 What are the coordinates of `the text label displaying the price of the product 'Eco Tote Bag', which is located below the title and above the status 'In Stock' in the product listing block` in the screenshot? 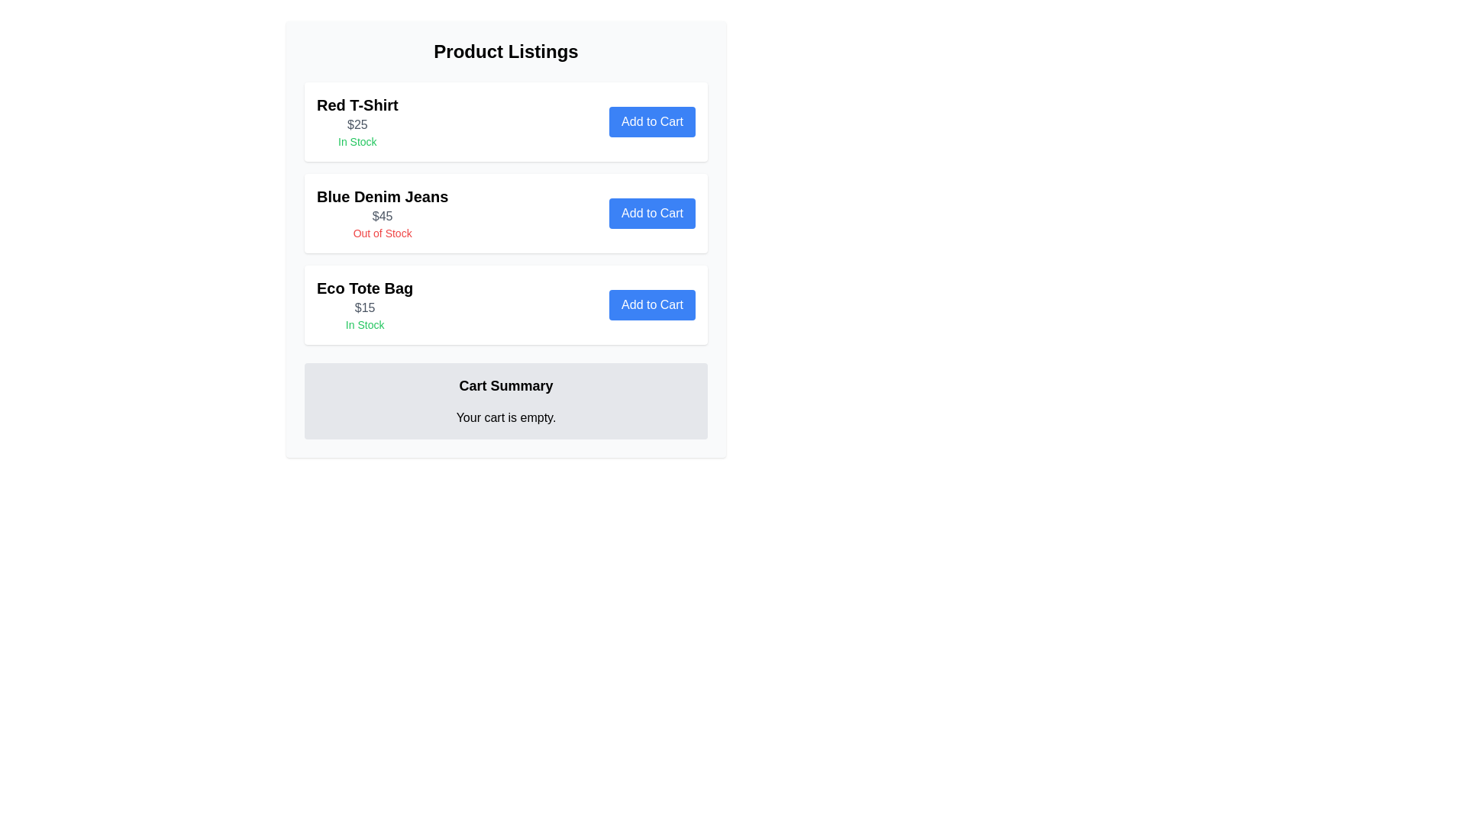 It's located at (364, 308).